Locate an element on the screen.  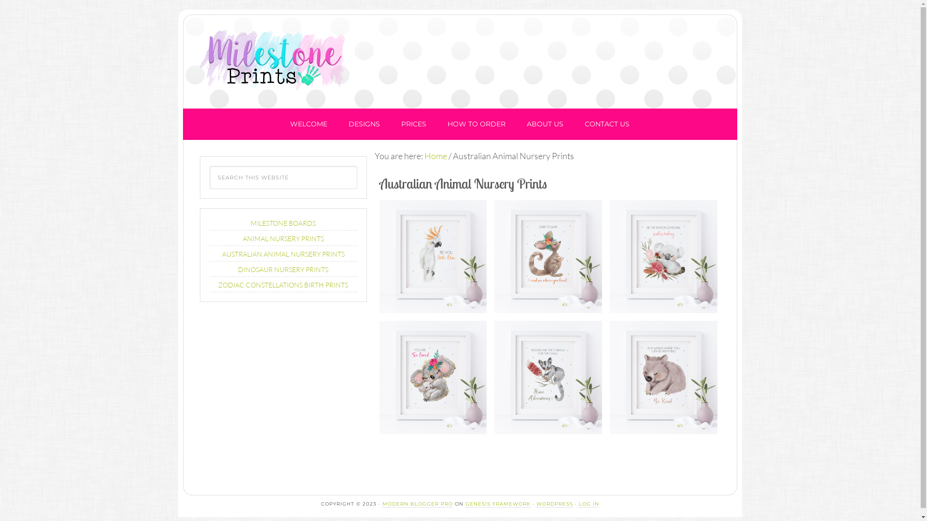
'MODERN BLOGGER PRO' is located at coordinates (417, 504).